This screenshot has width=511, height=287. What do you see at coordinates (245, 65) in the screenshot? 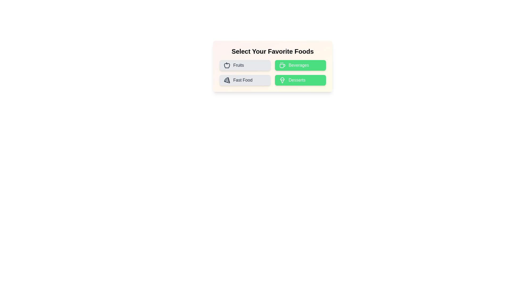
I see `the food category Fruits by clicking its corresponding button` at bounding box center [245, 65].